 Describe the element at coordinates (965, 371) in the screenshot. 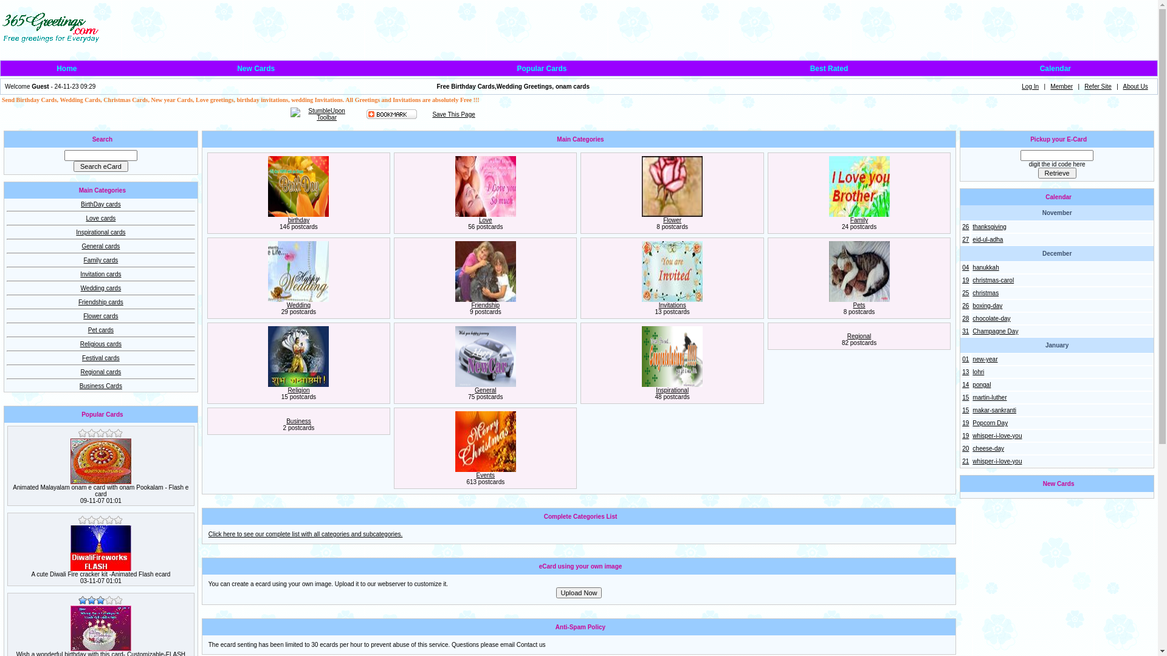

I see `'13'` at that location.